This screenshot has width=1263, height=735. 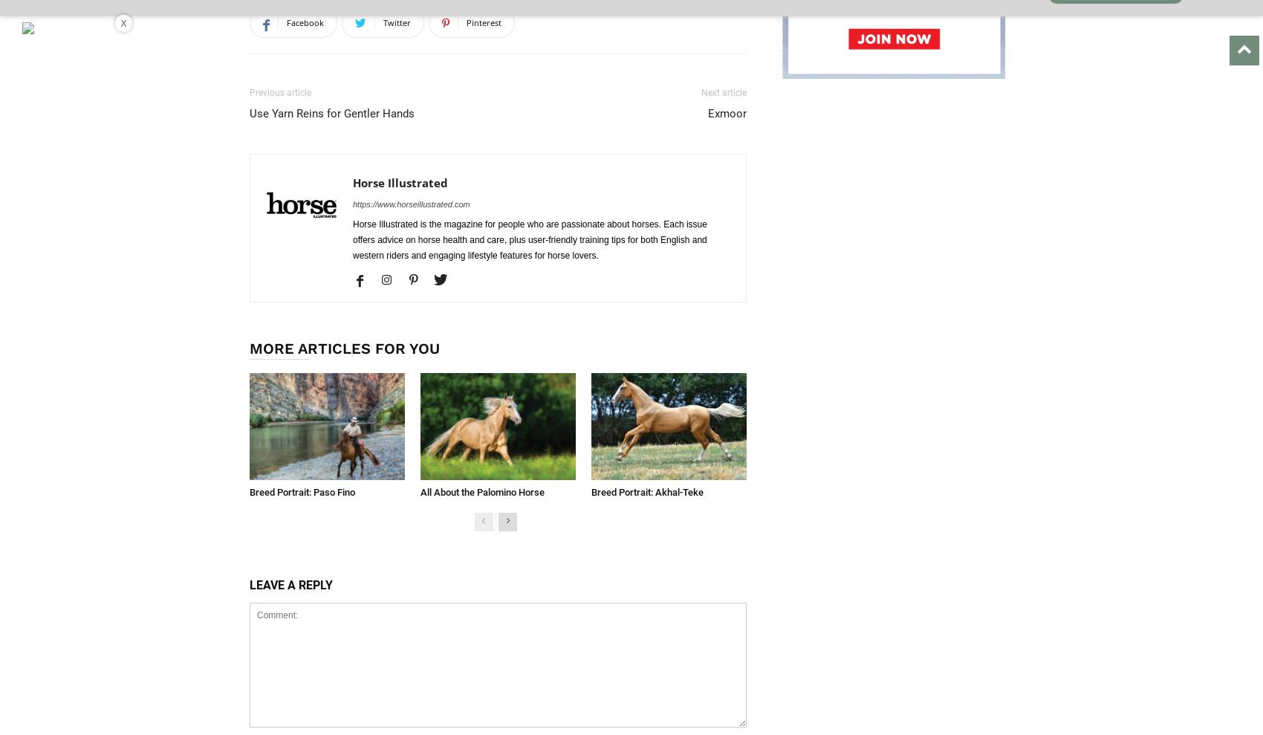 What do you see at coordinates (723, 92) in the screenshot?
I see `'Next article'` at bounding box center [723, 92].